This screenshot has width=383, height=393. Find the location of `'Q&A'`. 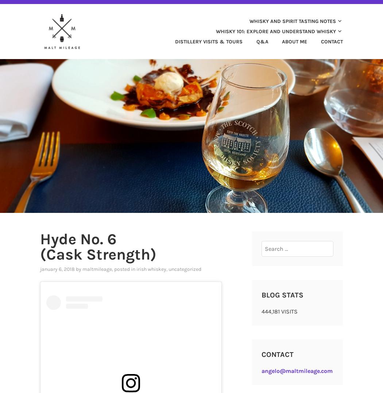

'Q&A' is located at coordinates (256, 41).